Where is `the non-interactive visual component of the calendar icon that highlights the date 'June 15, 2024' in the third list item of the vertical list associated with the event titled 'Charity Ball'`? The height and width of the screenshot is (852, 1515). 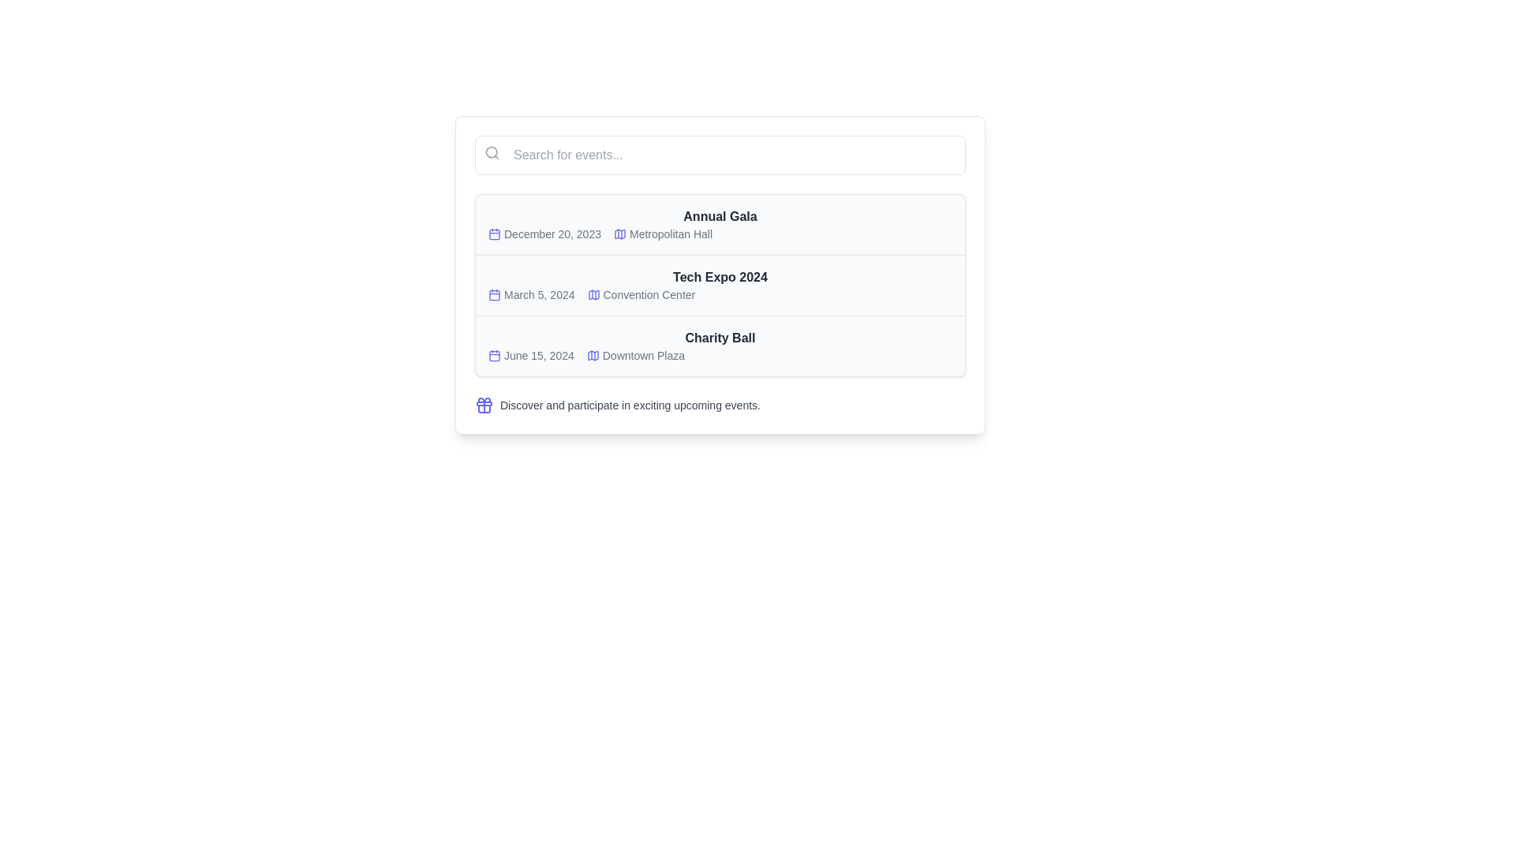 the non-interactive visual component of the calendar icon that highlights the date 'June 15, 2024' in the third list item of the vertical list associated with the event titled 'Charity Ball' is located at coordinates (494, 356).